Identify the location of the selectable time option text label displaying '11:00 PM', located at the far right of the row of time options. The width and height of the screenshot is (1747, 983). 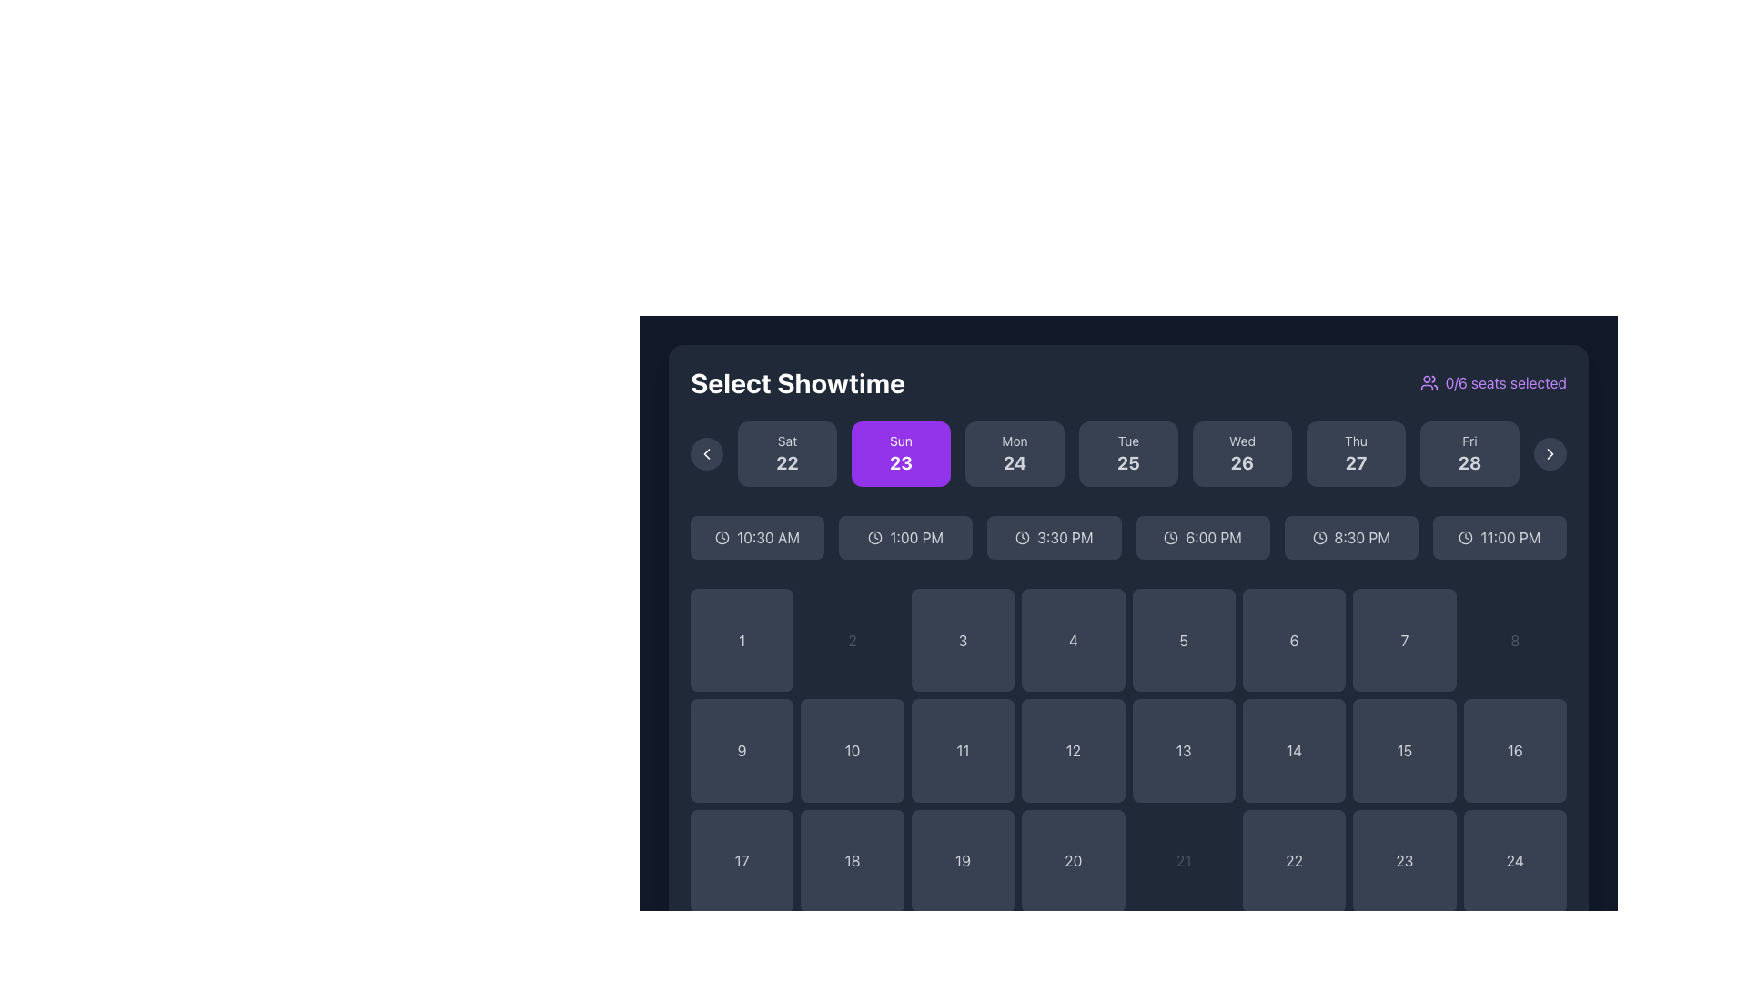
(1510, 536).